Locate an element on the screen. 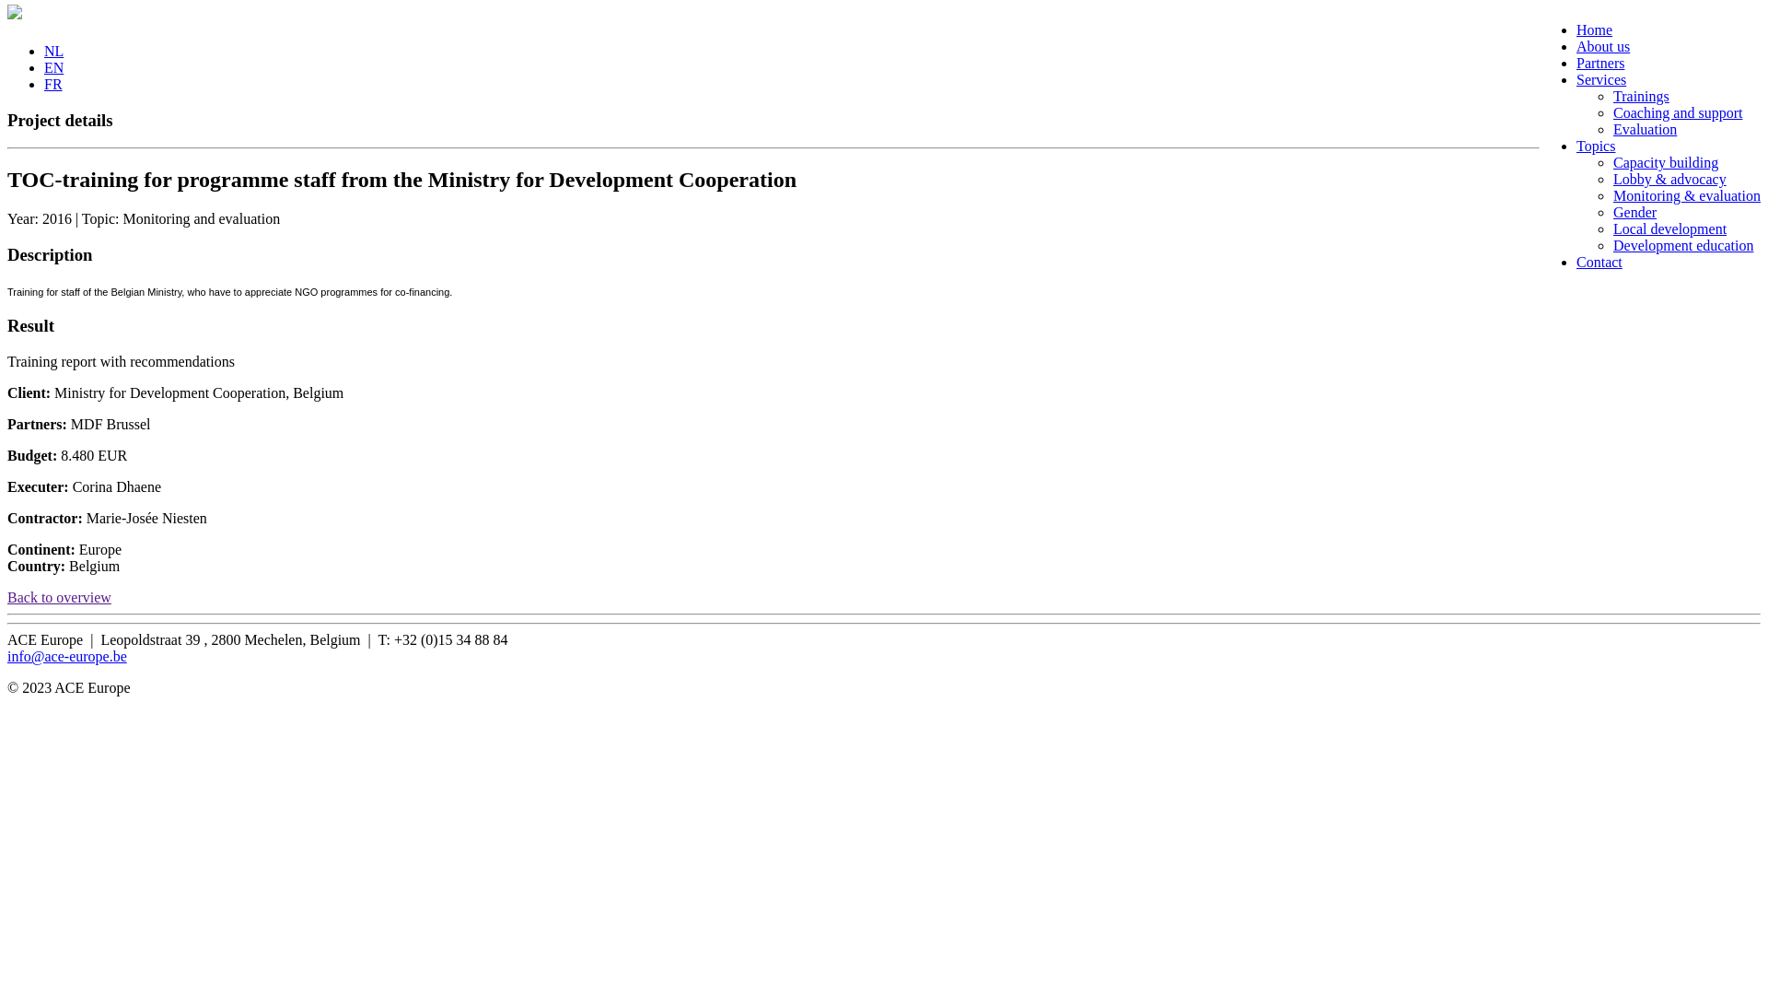  'NL' is located at coordinates (53, 50).